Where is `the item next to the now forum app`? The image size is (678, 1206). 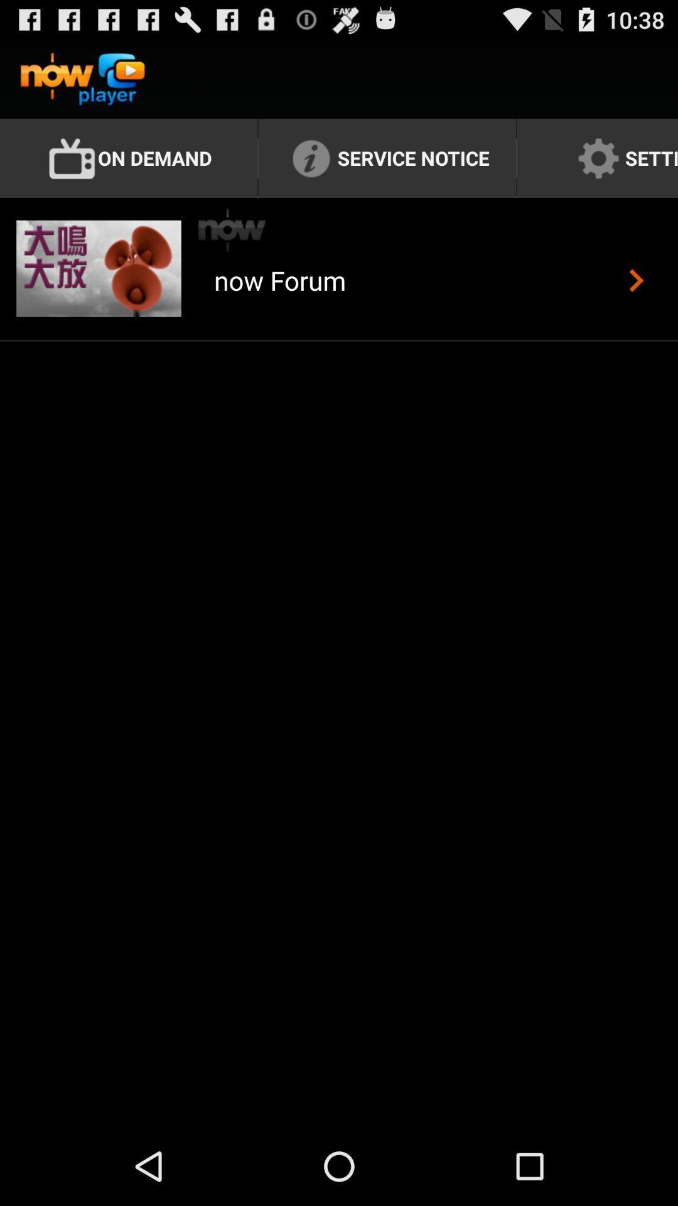
the item next to the now forum app is located at coordinates (637, 280).